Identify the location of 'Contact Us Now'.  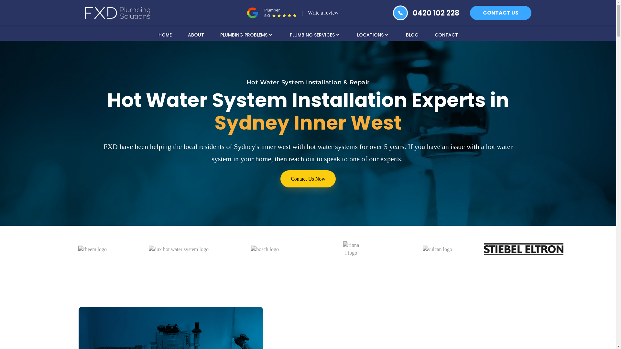
(280, 179).